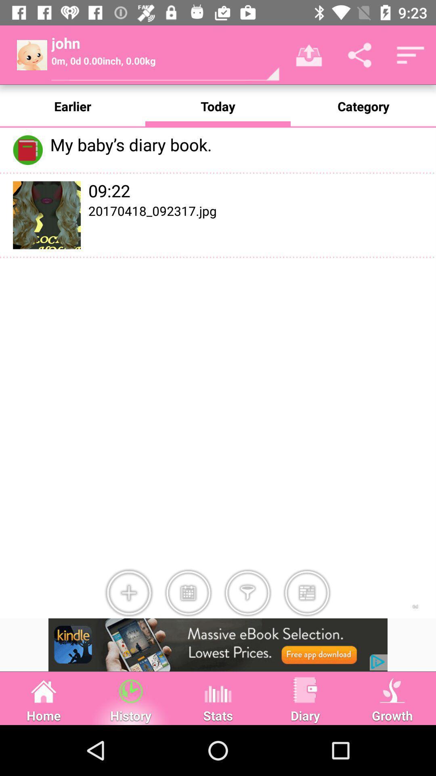 This screenshot has height=776, width=436. I want to click on image, so click(128, 593).